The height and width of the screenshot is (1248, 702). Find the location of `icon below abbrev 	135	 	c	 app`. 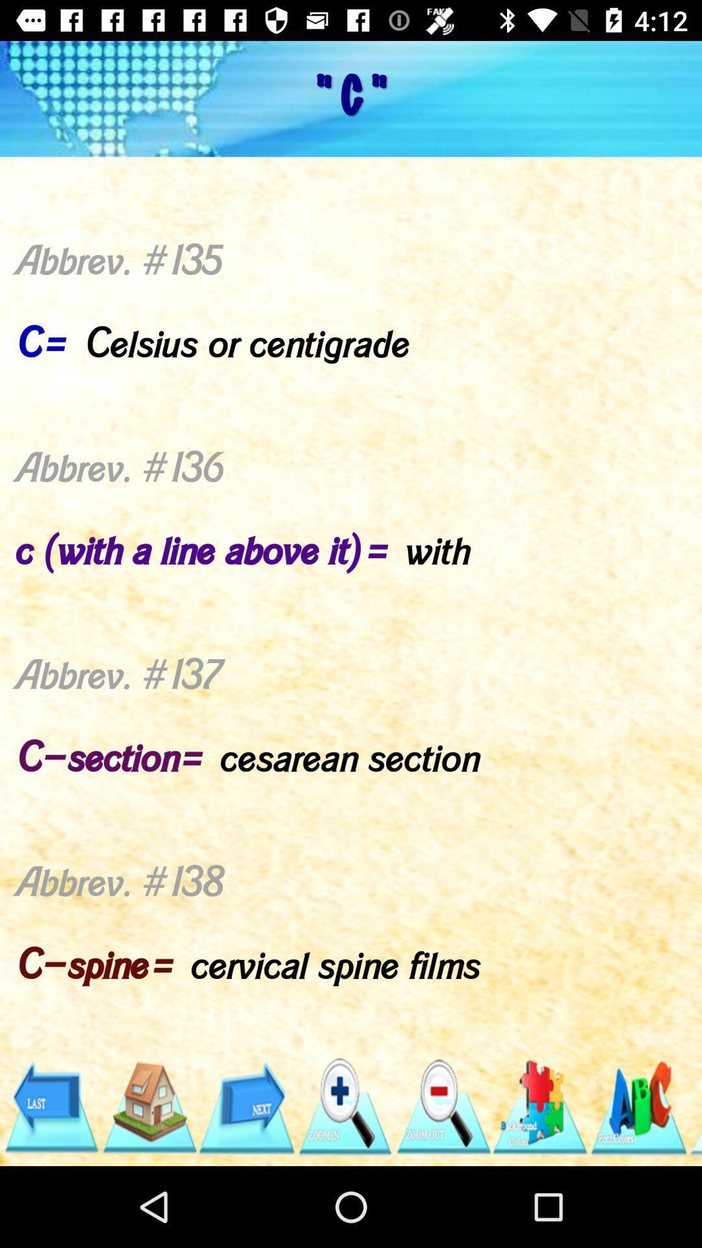

icon below abbrev 	135	 	c	 app is located at coordinates (541, 1106).